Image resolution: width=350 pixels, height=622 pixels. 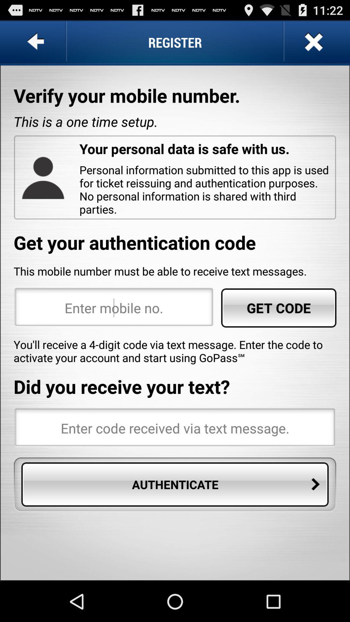 What do you see at coordinates (37, 42) in the screenshot?
I see `icon above verify your mobile` at bounding box center [37, 42].